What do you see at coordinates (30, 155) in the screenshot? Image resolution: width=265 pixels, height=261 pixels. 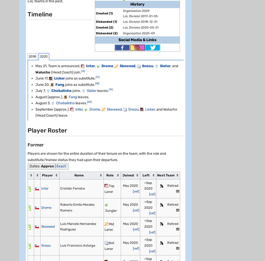 I see `'Follow Us'` at bounding box center [30, 155].